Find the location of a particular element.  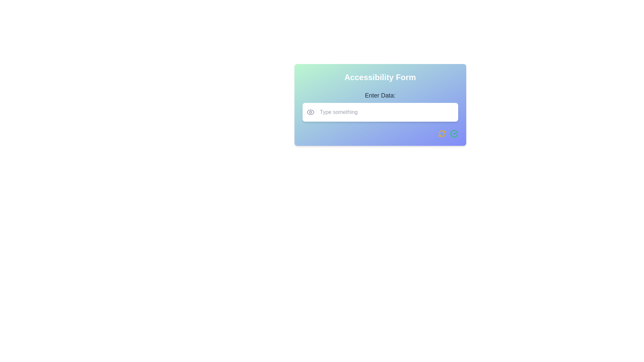

the visibility toggle icon located to the left of the input field under the 'Enter Data:' label is located at coordinates (310, 112).